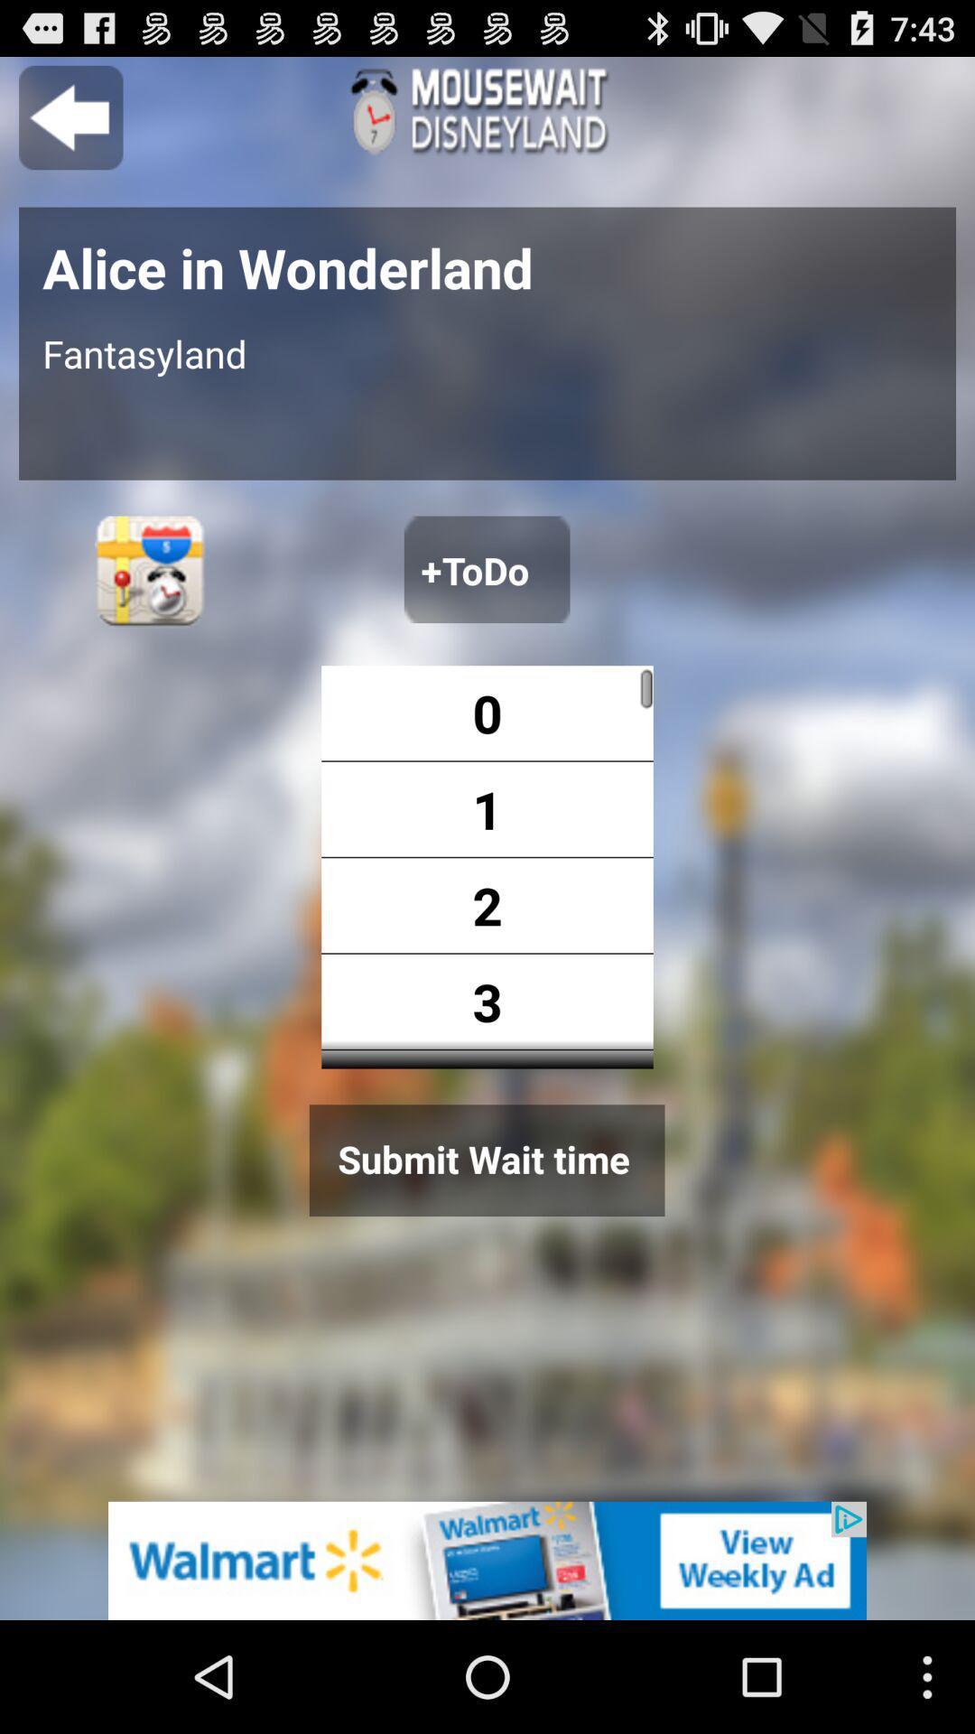 This screenshot has height=1734, width=975. I want to click on go back, so click(70, 117).